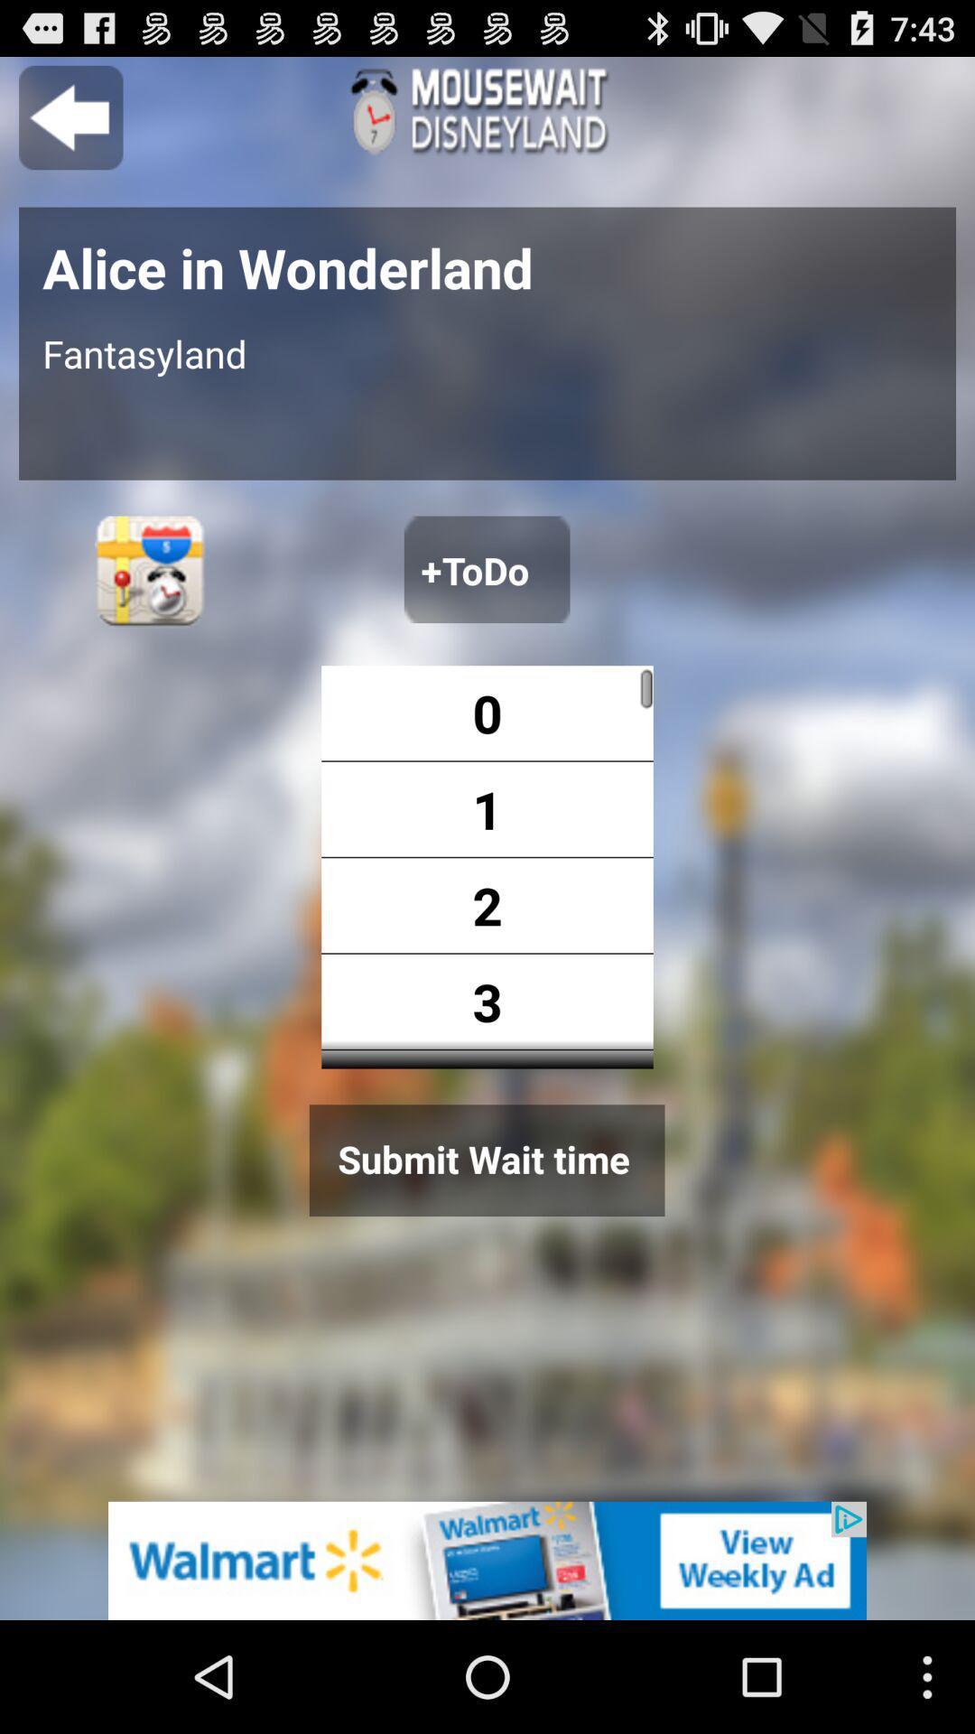 This screenshot has height=1734, width=975. I want to click on go back, so click(70, 117).